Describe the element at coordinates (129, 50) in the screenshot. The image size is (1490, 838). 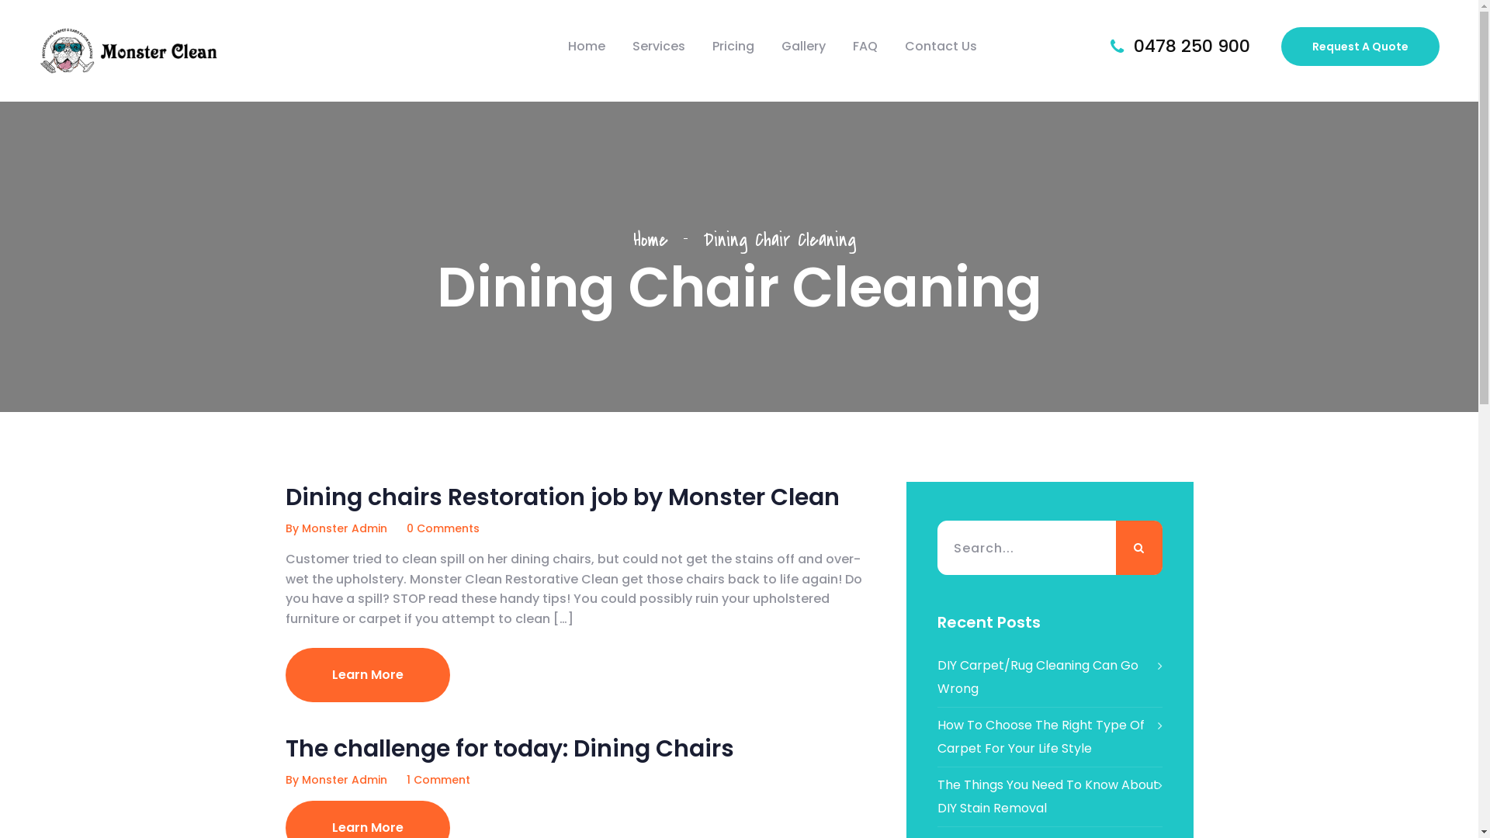
I see `'Monster Carpet & Hard Floor Cleaning Melbourne'` at that location.